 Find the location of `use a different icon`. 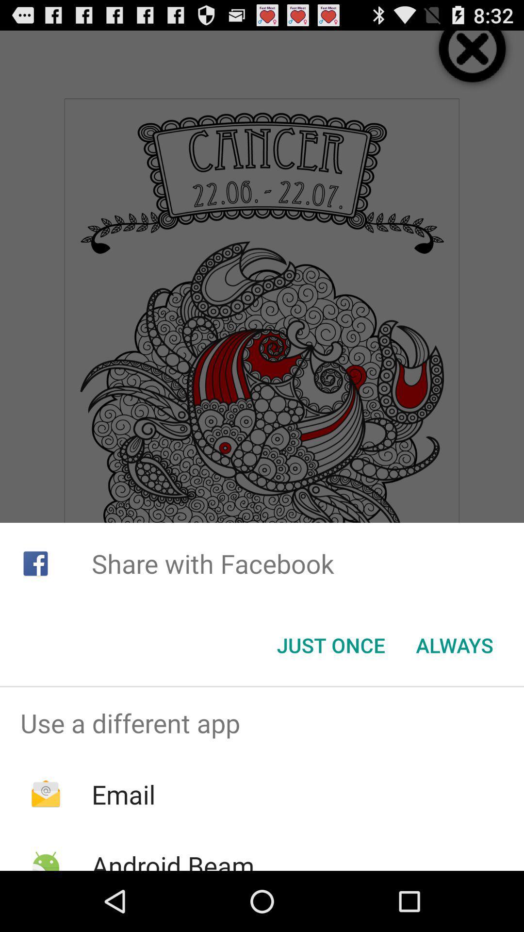

use a different icon is located at coordinates (262, 723).